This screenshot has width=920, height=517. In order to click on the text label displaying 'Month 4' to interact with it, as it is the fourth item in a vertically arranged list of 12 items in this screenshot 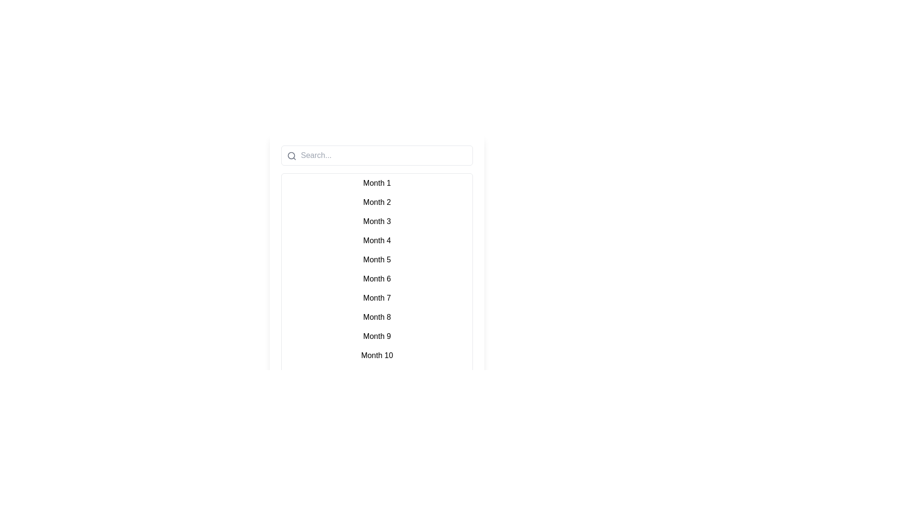, I will do `click(377, 240)`.